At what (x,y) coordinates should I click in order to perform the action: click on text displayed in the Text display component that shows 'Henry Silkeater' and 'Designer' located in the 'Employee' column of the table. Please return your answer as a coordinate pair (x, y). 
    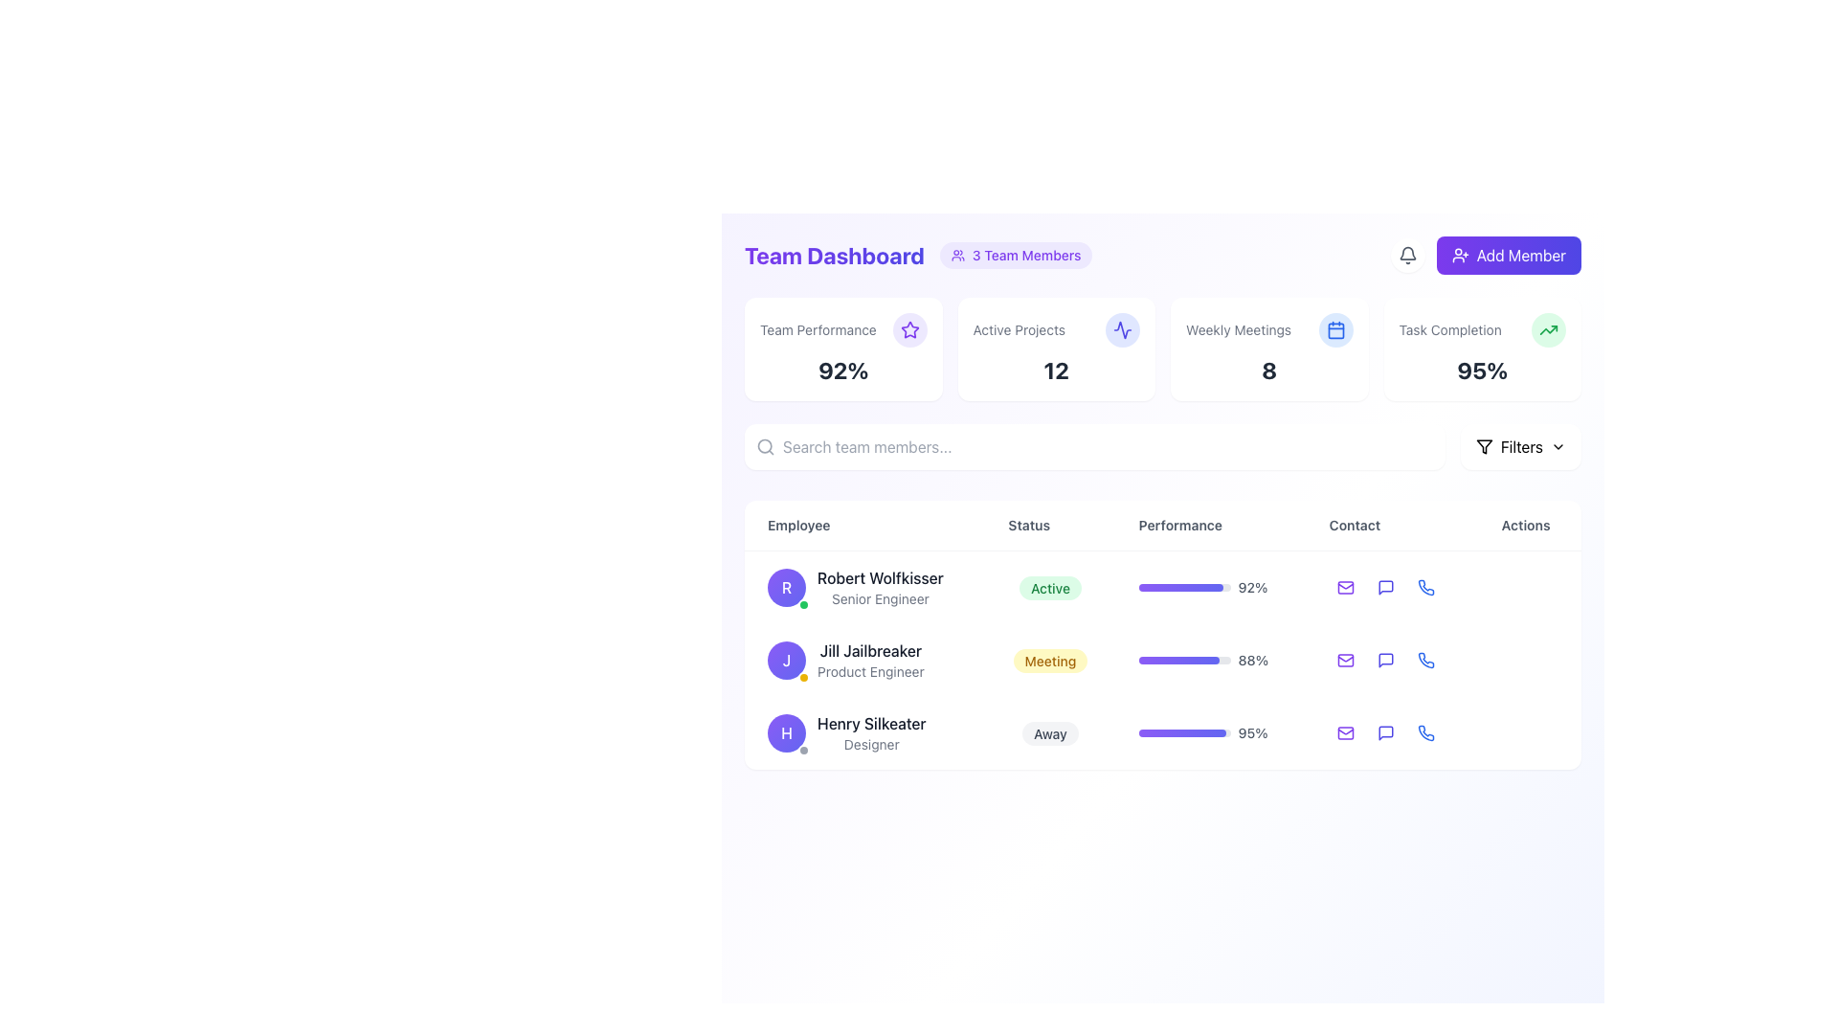
    Looking at the image, I should click on (870, 732).